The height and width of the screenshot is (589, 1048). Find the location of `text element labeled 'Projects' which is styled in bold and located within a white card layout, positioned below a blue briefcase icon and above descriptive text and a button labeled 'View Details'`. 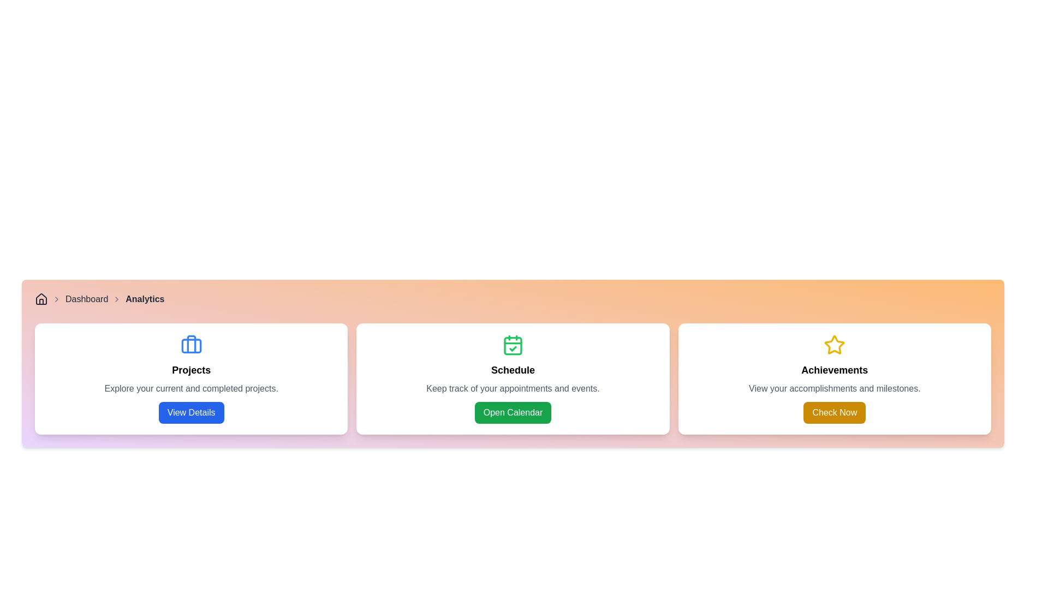

text element labeled 'Projects' which is styled in bold and located within a white card layout, positioned below a blue briefcase icon and above descriptive text and a button labeled 'View Details' is located at coordinates (191, 369).